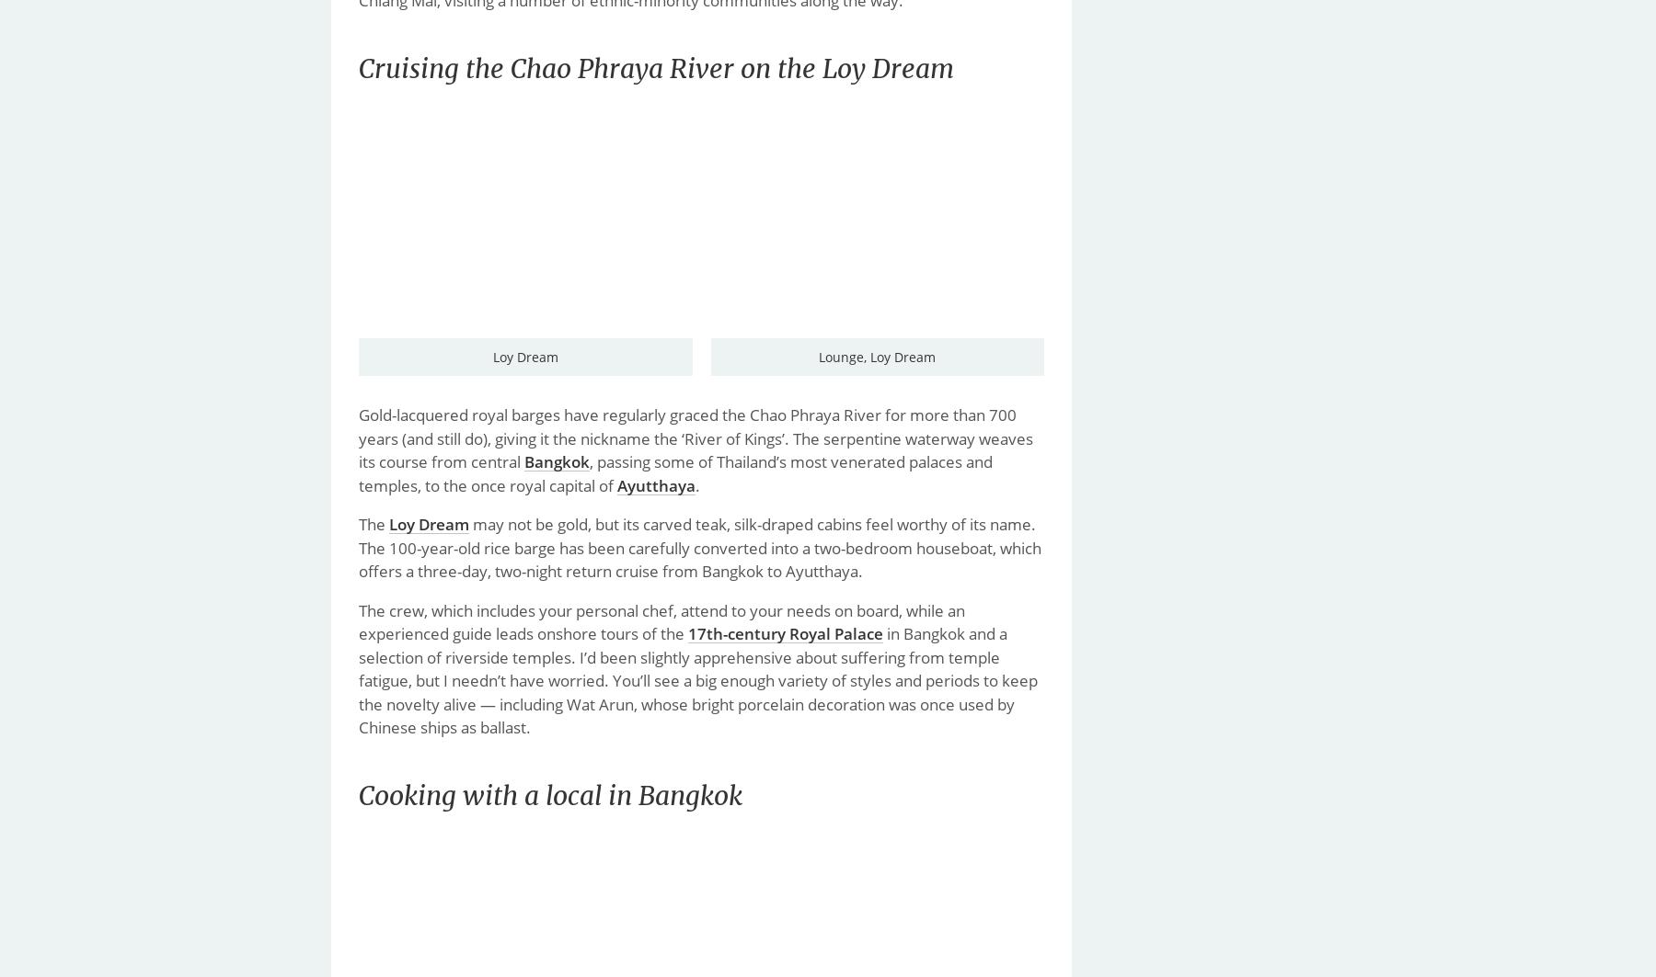 This screenshot has width=1656, height=977. I want to click on 'Lounge, Loy Dream', so click(876, 356).